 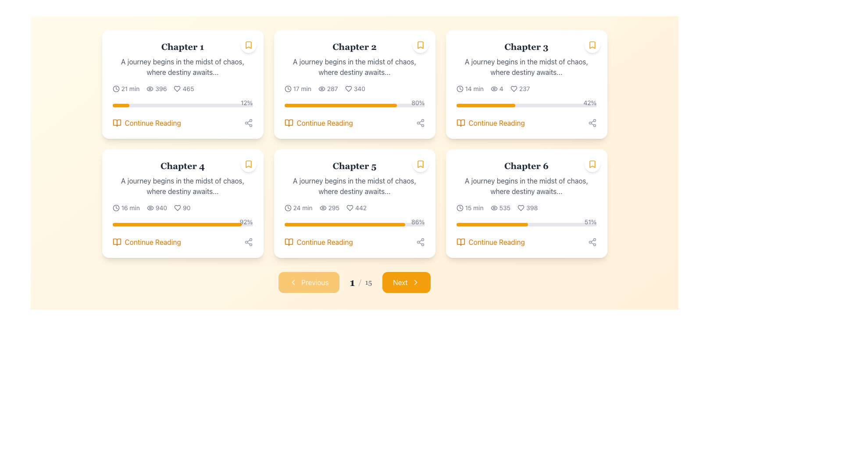 What do you see at coordinates (309, 282) in the screenshot?
I see `the 'Previous' button, which is a rectangular button with rounded corners, amber background, and white text located at the bottom section of the layout` at bounding box center [309, 282].